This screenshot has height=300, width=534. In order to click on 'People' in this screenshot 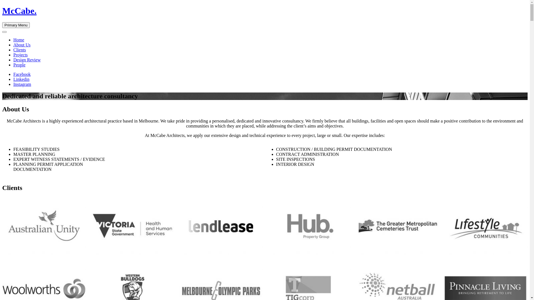, I will do `click(19, 64)`.